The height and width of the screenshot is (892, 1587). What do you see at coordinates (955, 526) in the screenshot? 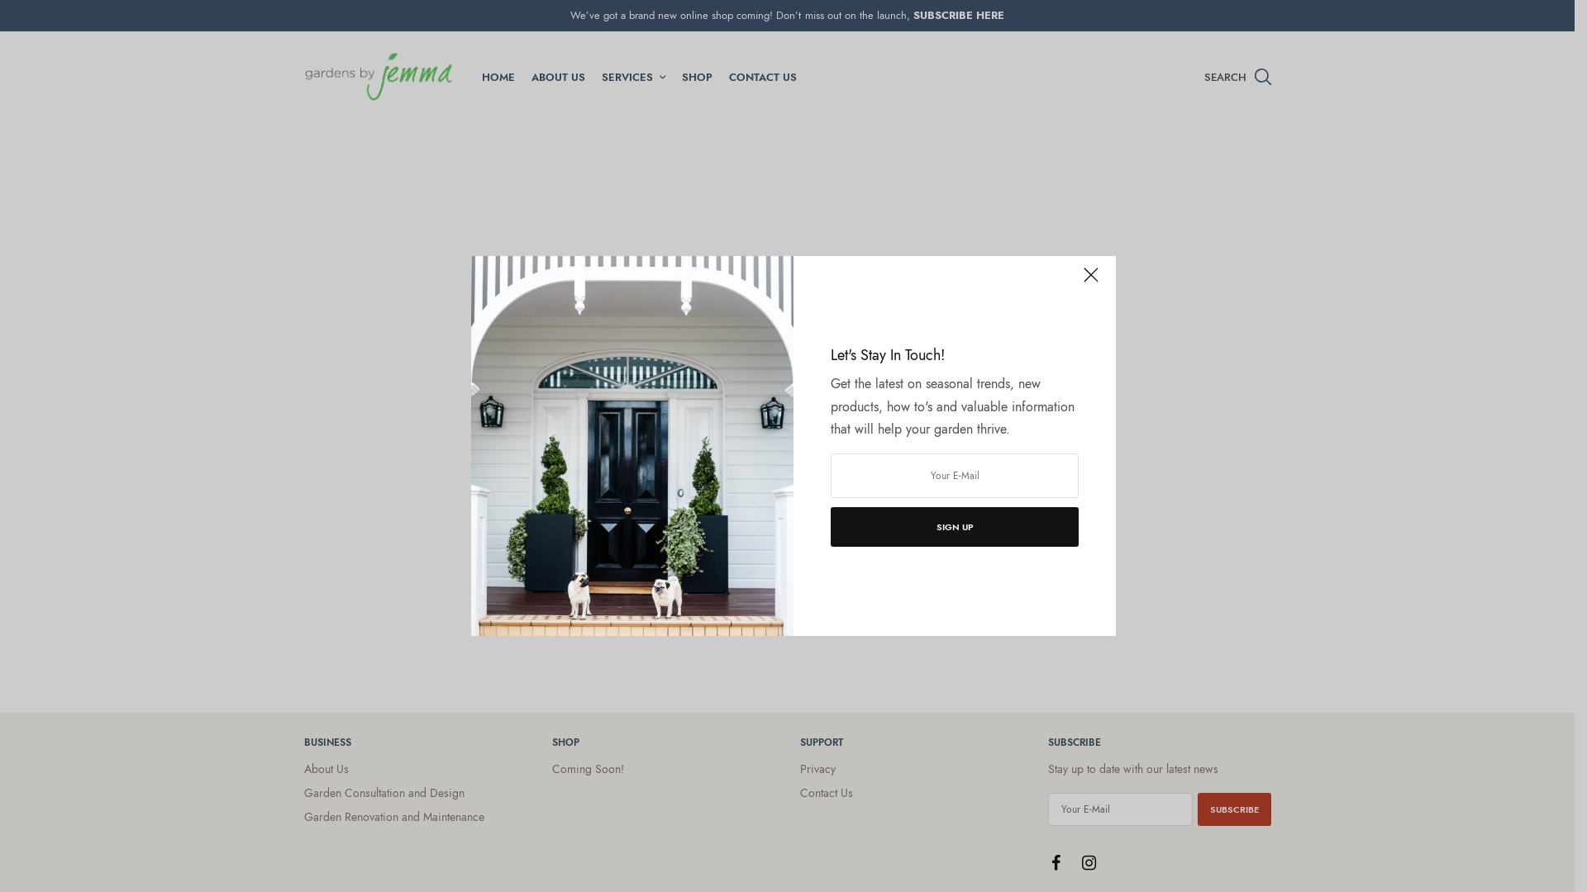
I see `'SIGN UP'` at bounding box center [955, 526].